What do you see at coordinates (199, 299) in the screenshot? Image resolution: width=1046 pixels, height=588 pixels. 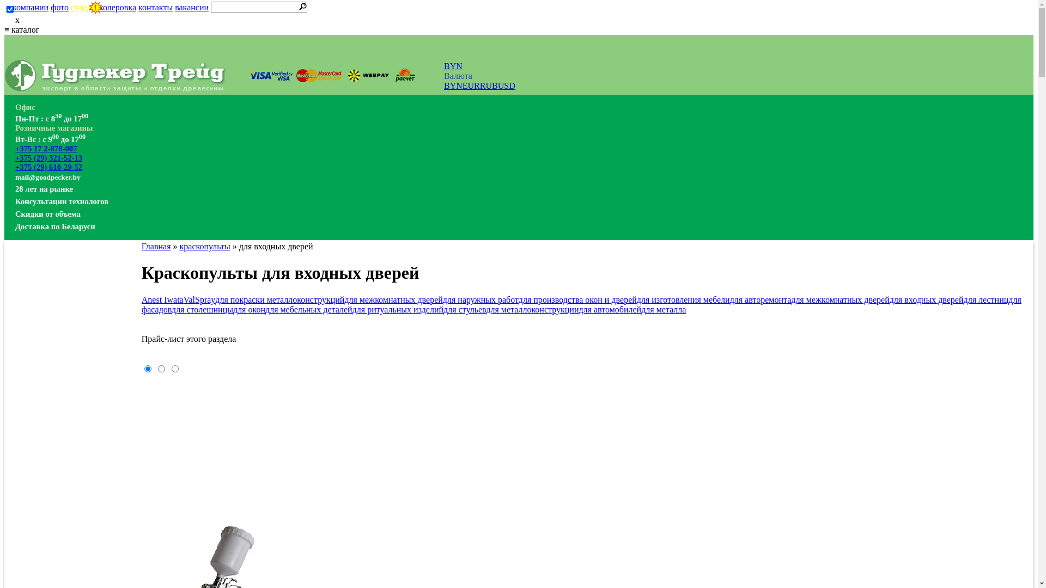 I see `'ValSpray'` at bounding box center [199, 299].